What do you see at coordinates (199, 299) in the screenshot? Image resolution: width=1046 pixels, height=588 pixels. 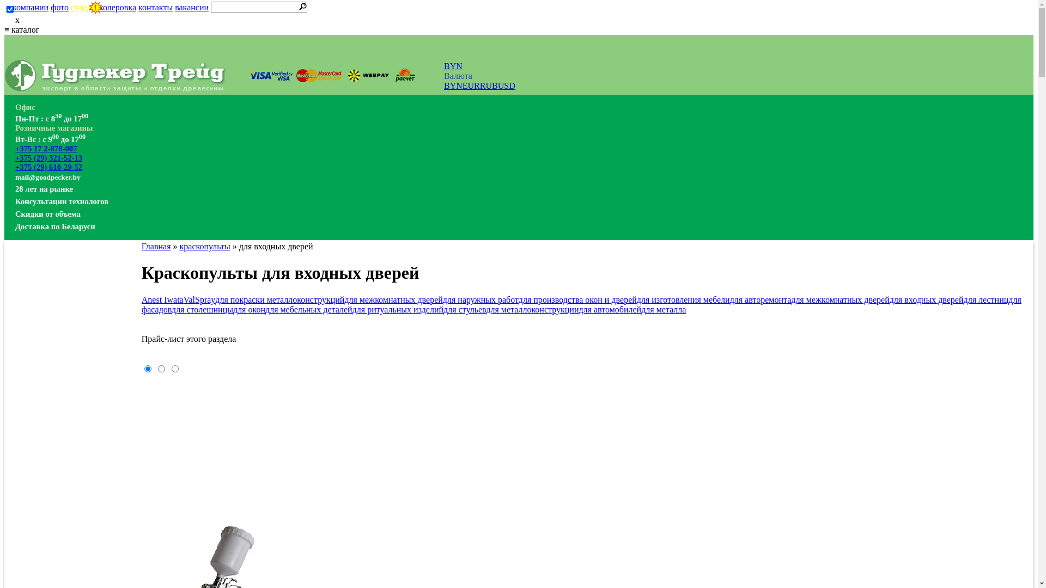 I see `'ValSpray'` at bounding box center [199, 299].